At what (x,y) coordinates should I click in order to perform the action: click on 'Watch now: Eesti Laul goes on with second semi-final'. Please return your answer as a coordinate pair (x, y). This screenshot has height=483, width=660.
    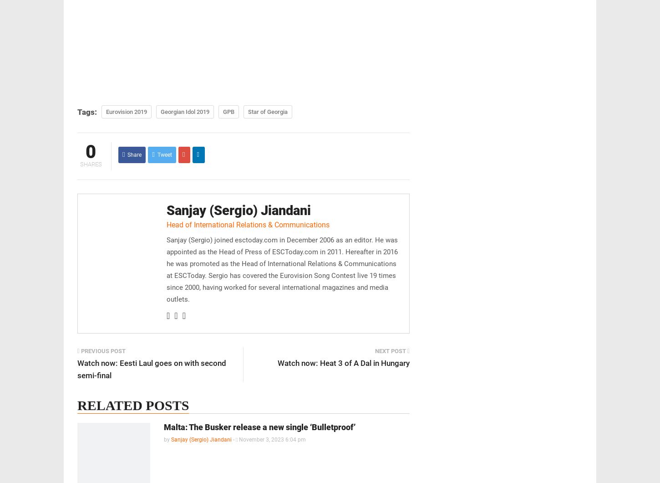
    Looking at the image, I should click on (152, 369).